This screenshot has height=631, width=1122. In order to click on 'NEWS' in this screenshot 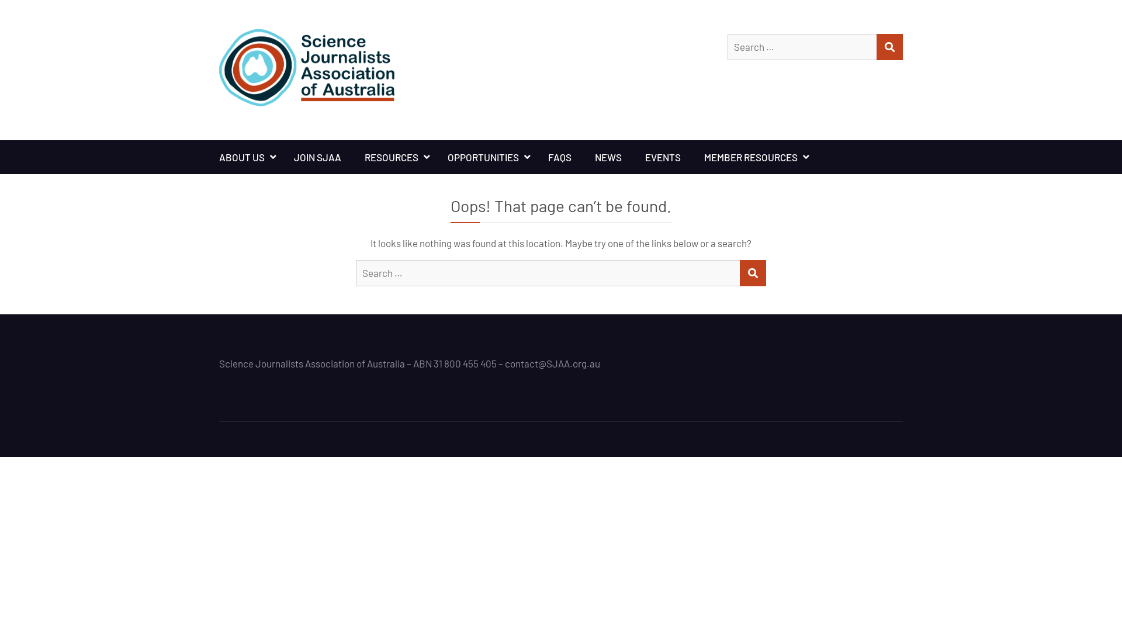, I will do `click(608, 157)`.